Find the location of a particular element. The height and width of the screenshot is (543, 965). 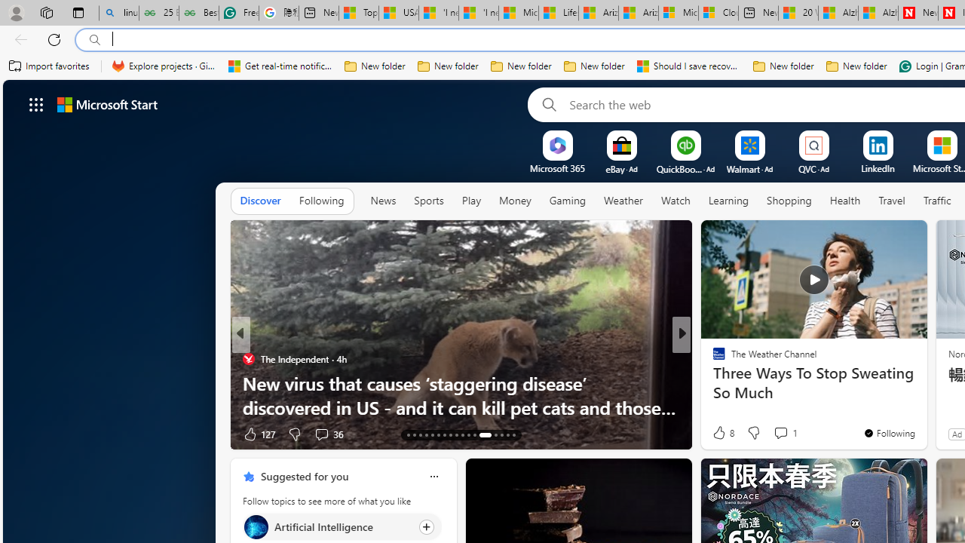

'Should I save recovered Word documents? - Microsoft Support' is located at coordinates (688, 66).